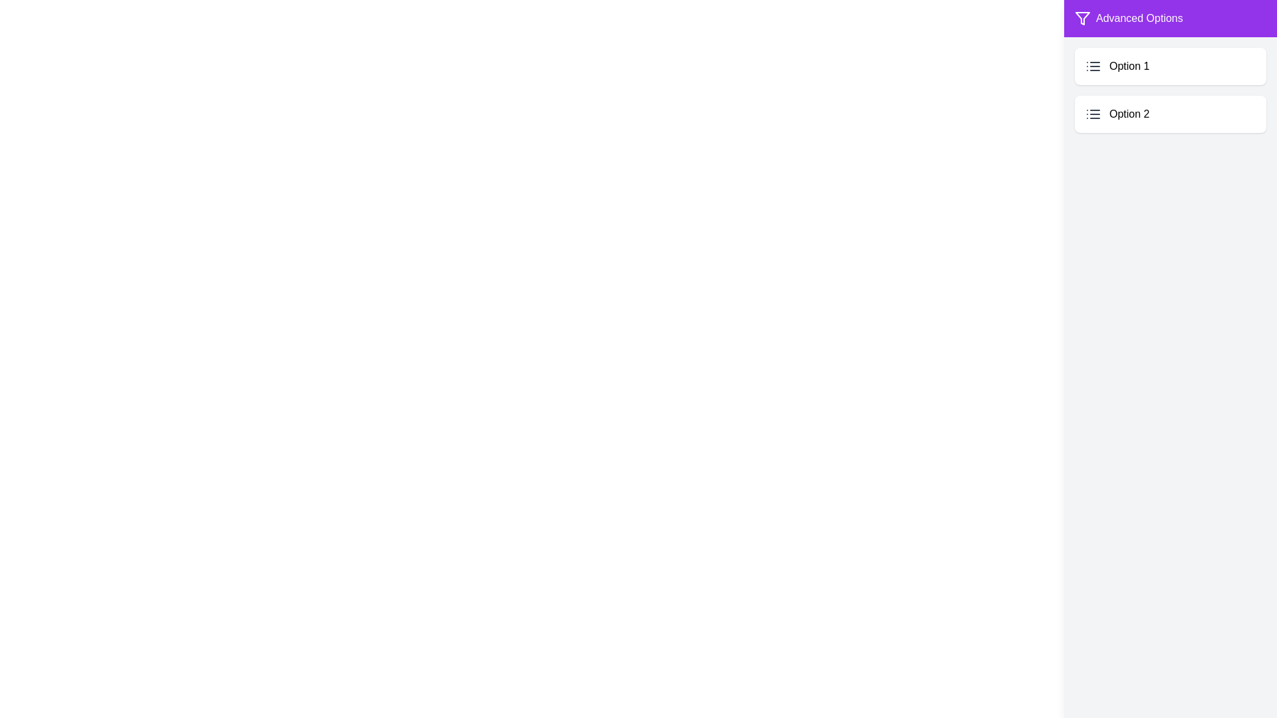 The width and height of the screenshot is (1277, 718). What do you see at coordinates (1234, 35) in the screenshot?
I see `the toggle button labeled 'Features' to toggle the drawer visibility` at bounding box center [1234, 35].